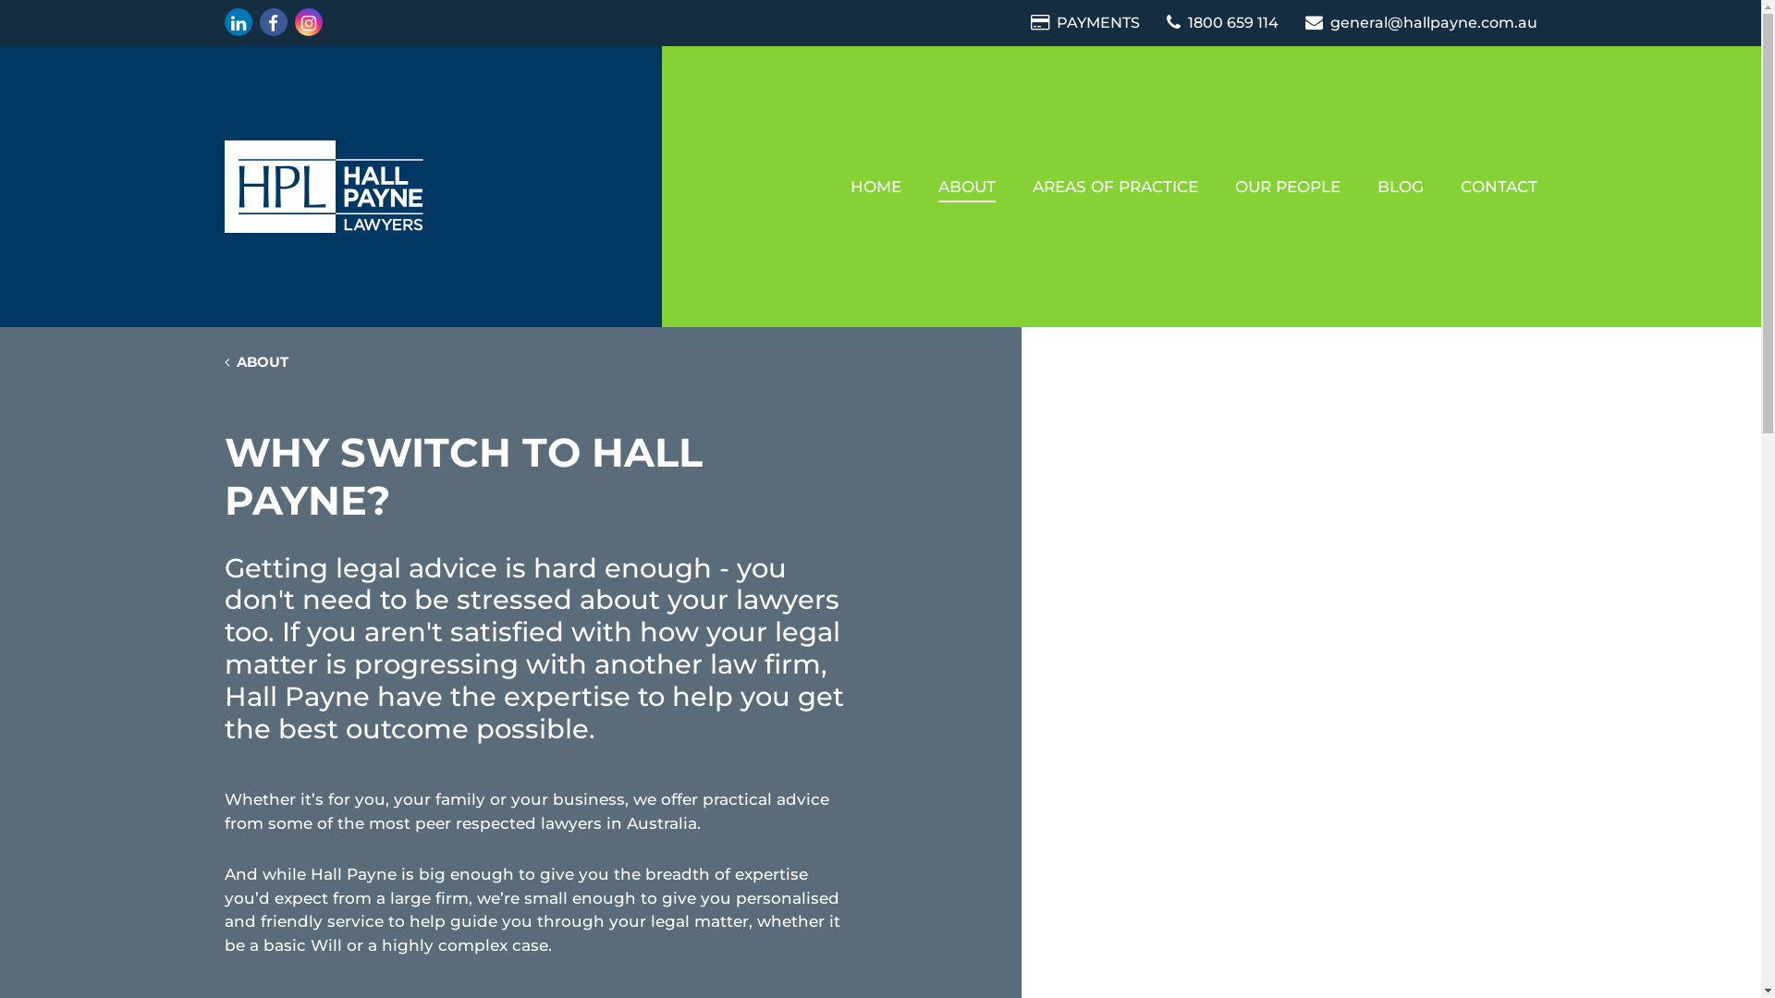 The height and width of the screenshot is (998, 1775). Describe the element at coordinates (1499, 186) in the screenshot. I see `'CONTACT'` at that location.